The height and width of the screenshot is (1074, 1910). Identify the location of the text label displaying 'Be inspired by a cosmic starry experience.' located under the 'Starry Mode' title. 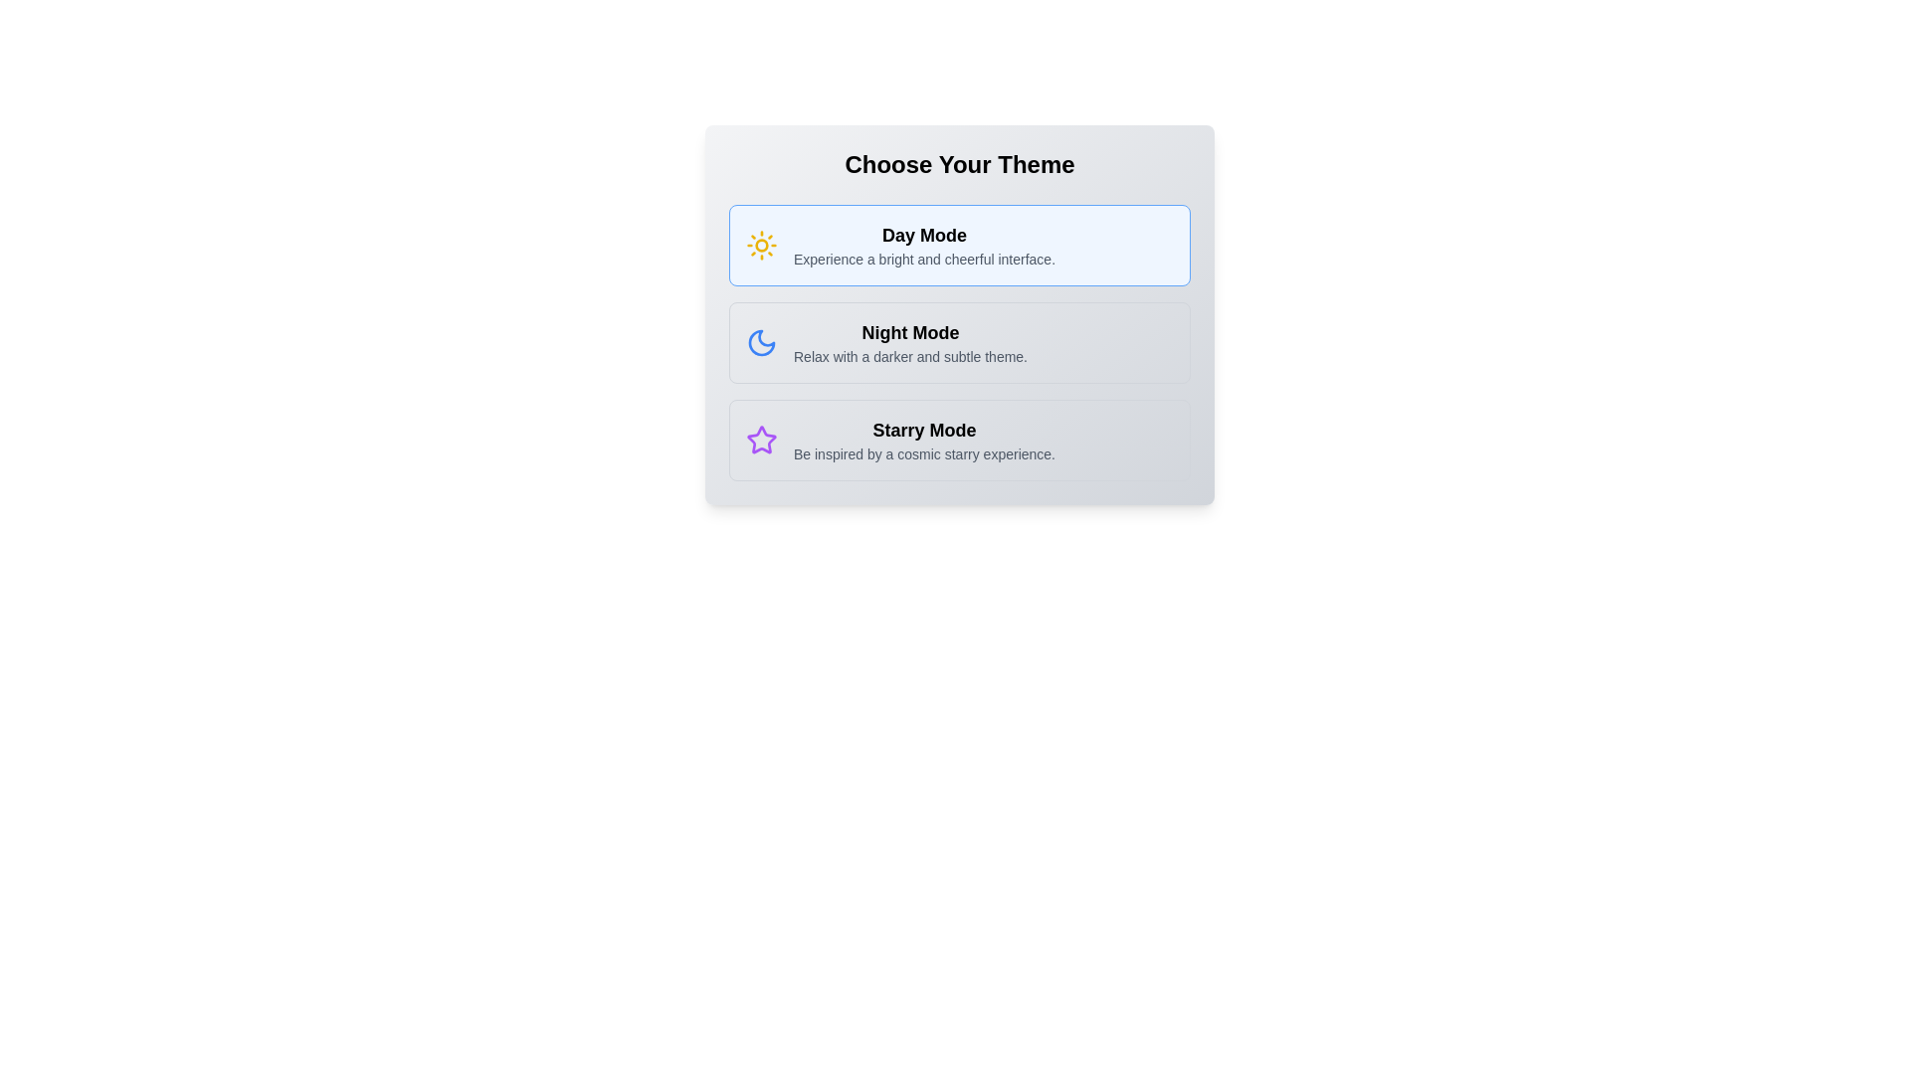
(923, 453).